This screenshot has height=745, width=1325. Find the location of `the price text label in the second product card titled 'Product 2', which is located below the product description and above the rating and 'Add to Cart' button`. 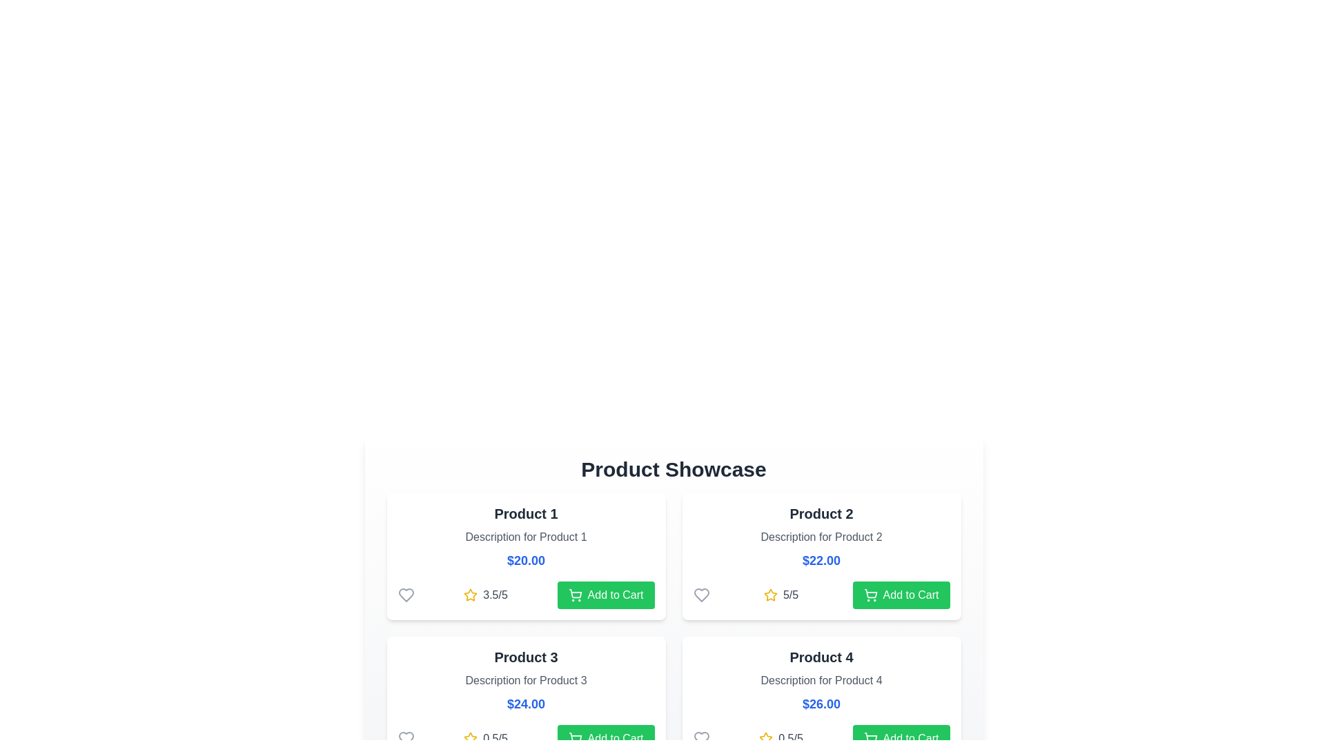

the price text label in the second product card titled 'Product 2', which is located below the product description and above the rating and 'Add to Cart' button is located at coordinates (821, 561).